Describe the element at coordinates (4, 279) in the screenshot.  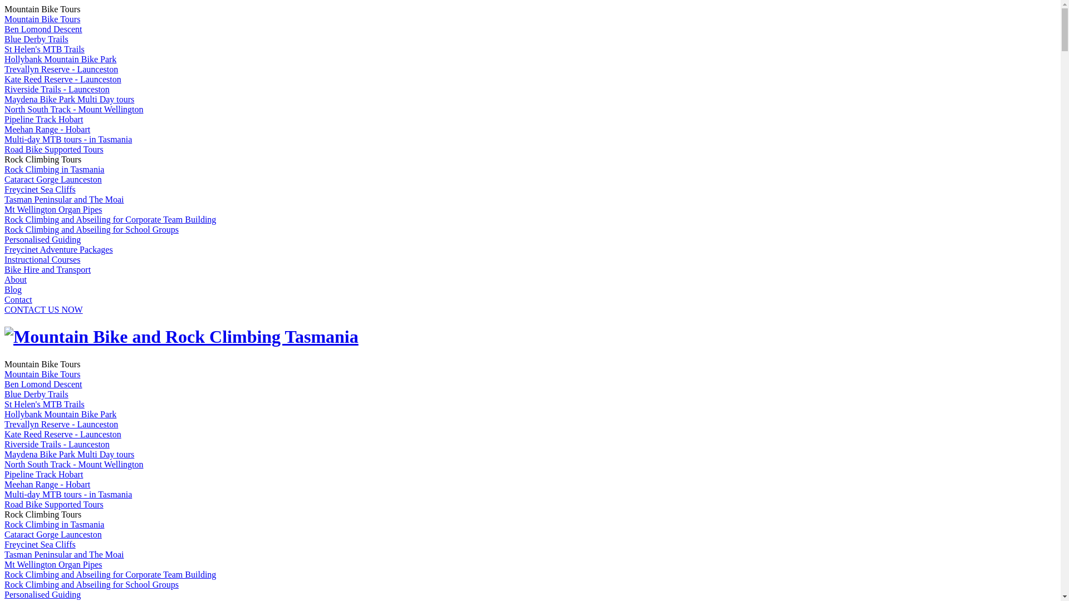
I see `'About'` at that location.